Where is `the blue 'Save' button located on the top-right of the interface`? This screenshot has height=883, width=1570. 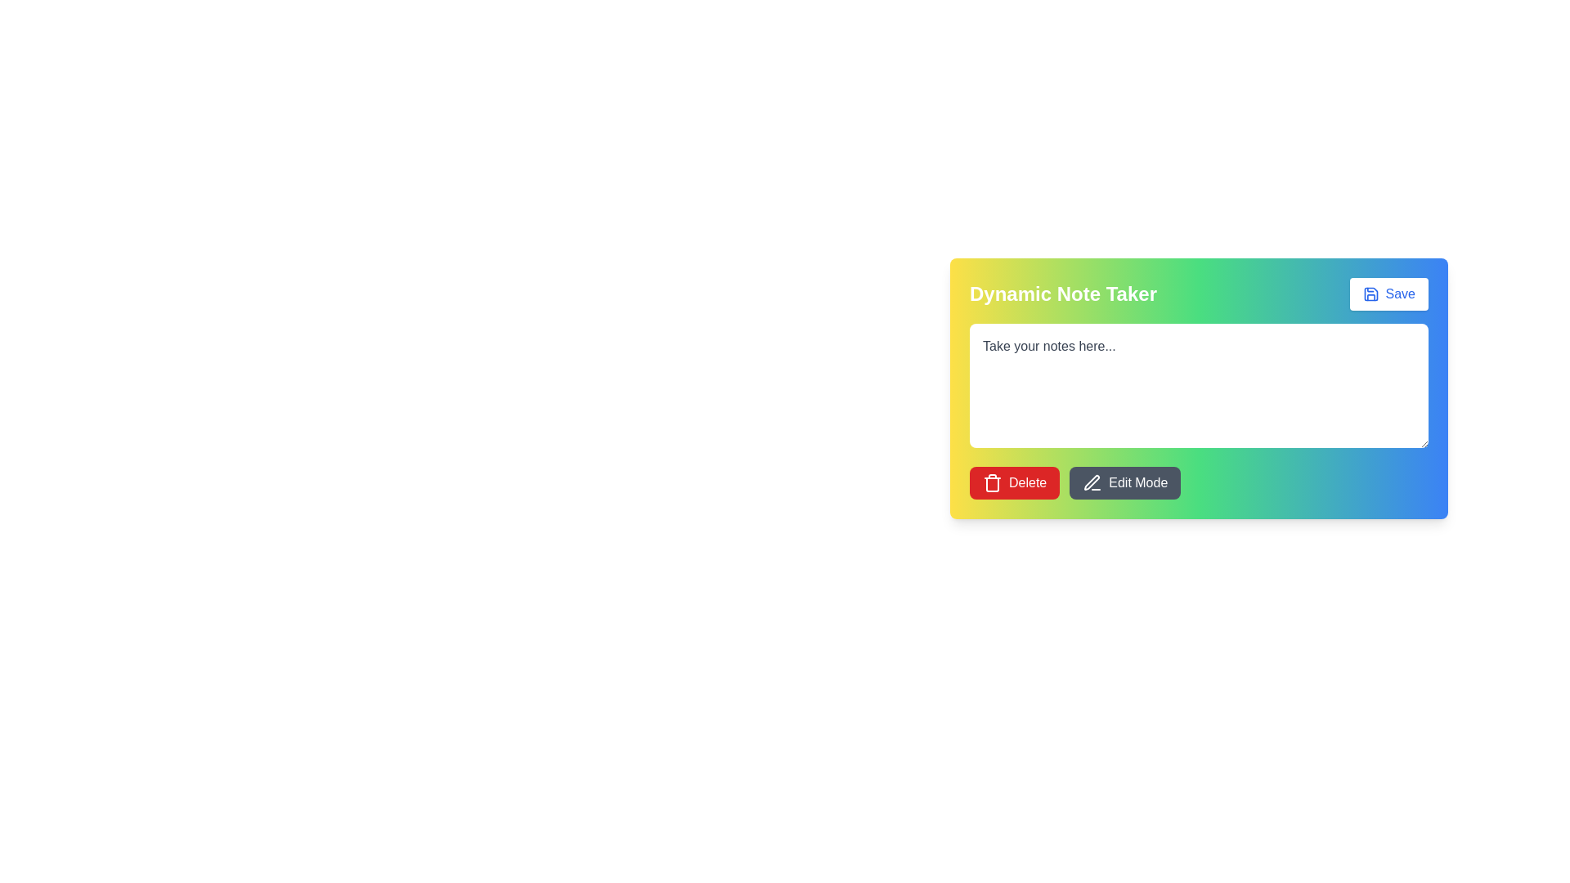 the blue 'Save' button located on the top-right of the interface is located at coordinates (1388, 293).